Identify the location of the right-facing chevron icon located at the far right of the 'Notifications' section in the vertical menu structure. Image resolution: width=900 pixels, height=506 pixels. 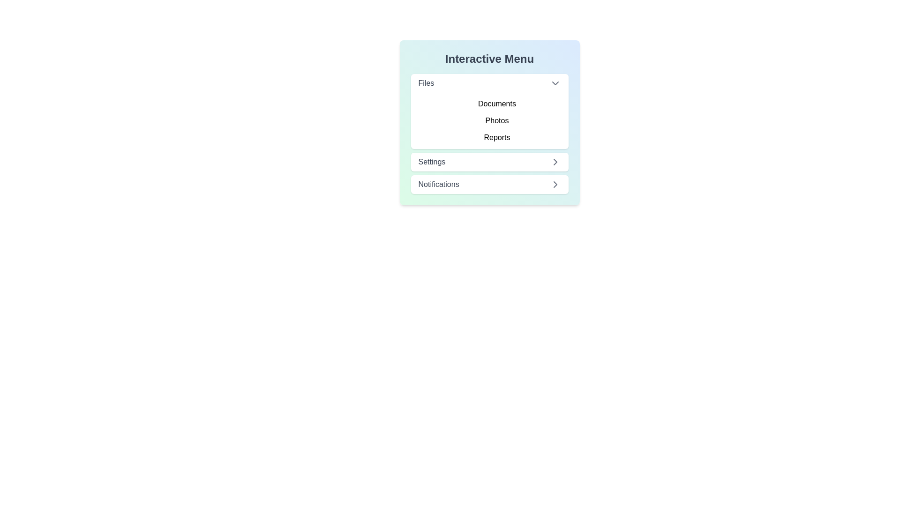
(555, 184).